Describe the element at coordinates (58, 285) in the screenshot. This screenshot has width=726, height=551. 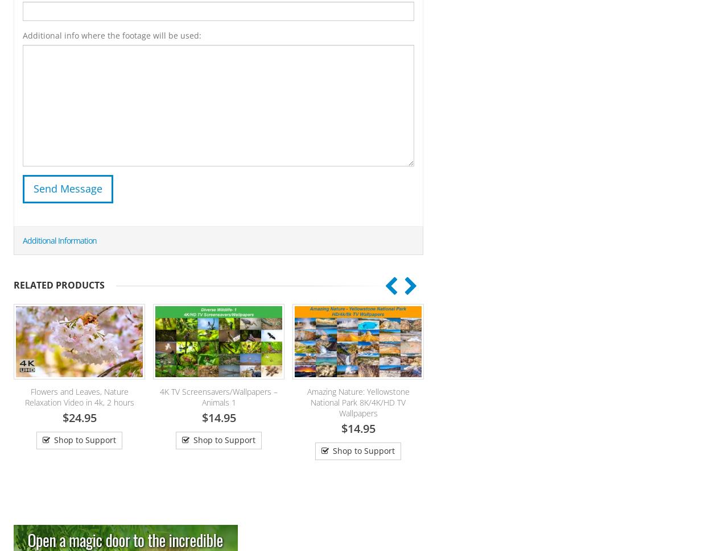
I see `'Related Products'` at that location.